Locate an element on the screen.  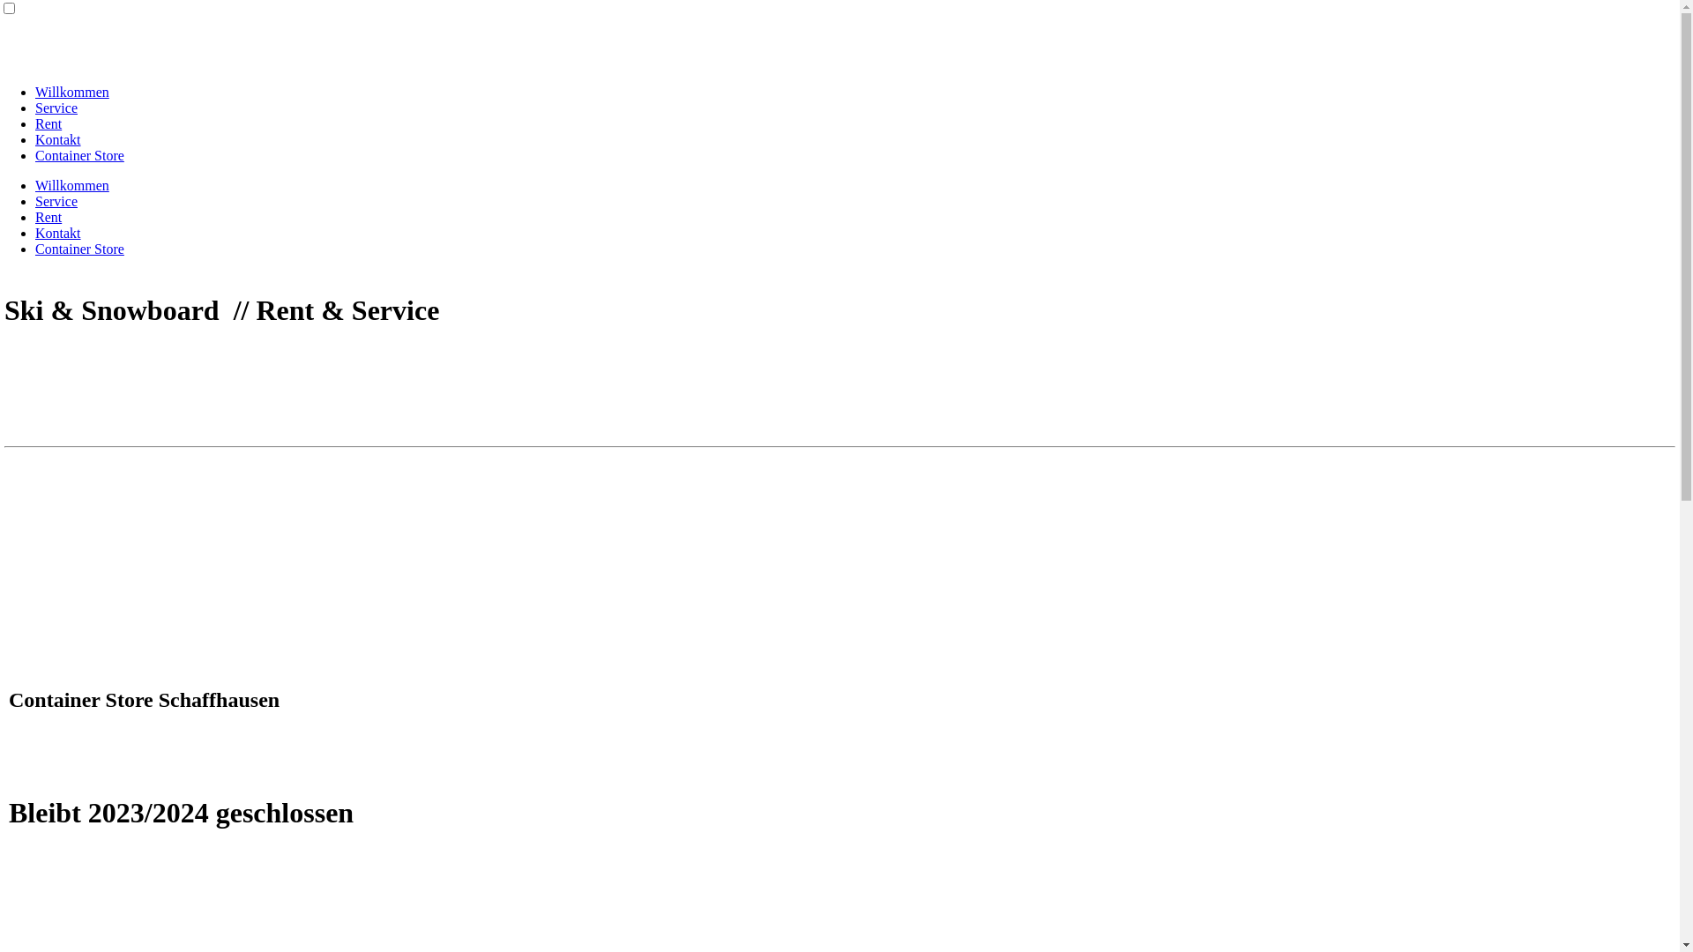
'Rent' is located at coordinates (34, 123).